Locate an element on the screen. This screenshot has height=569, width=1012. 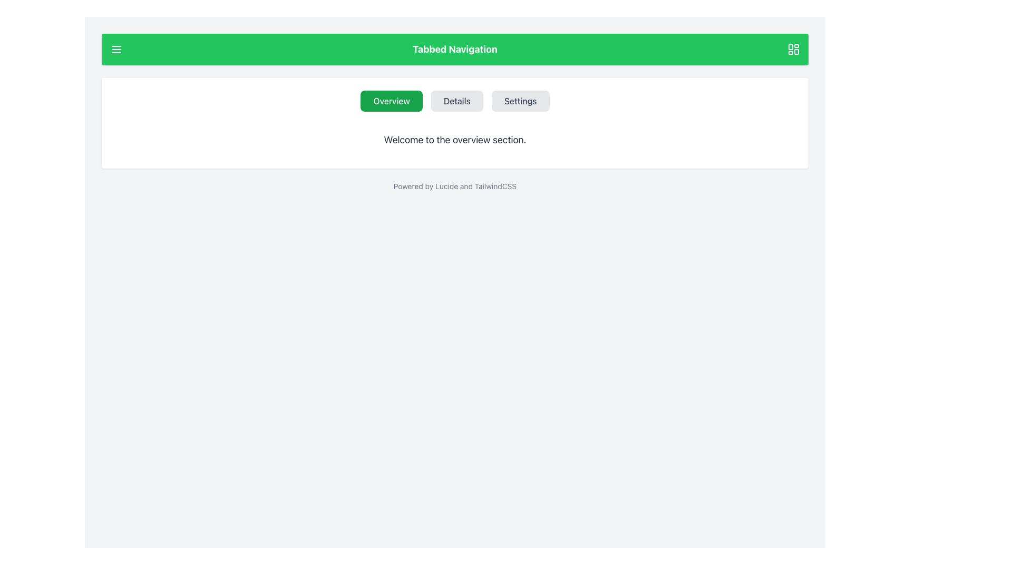
the decorative icon segment located in the second column of the second row within the grid structure of the green navigation bar is located at coordinates (796, 52).